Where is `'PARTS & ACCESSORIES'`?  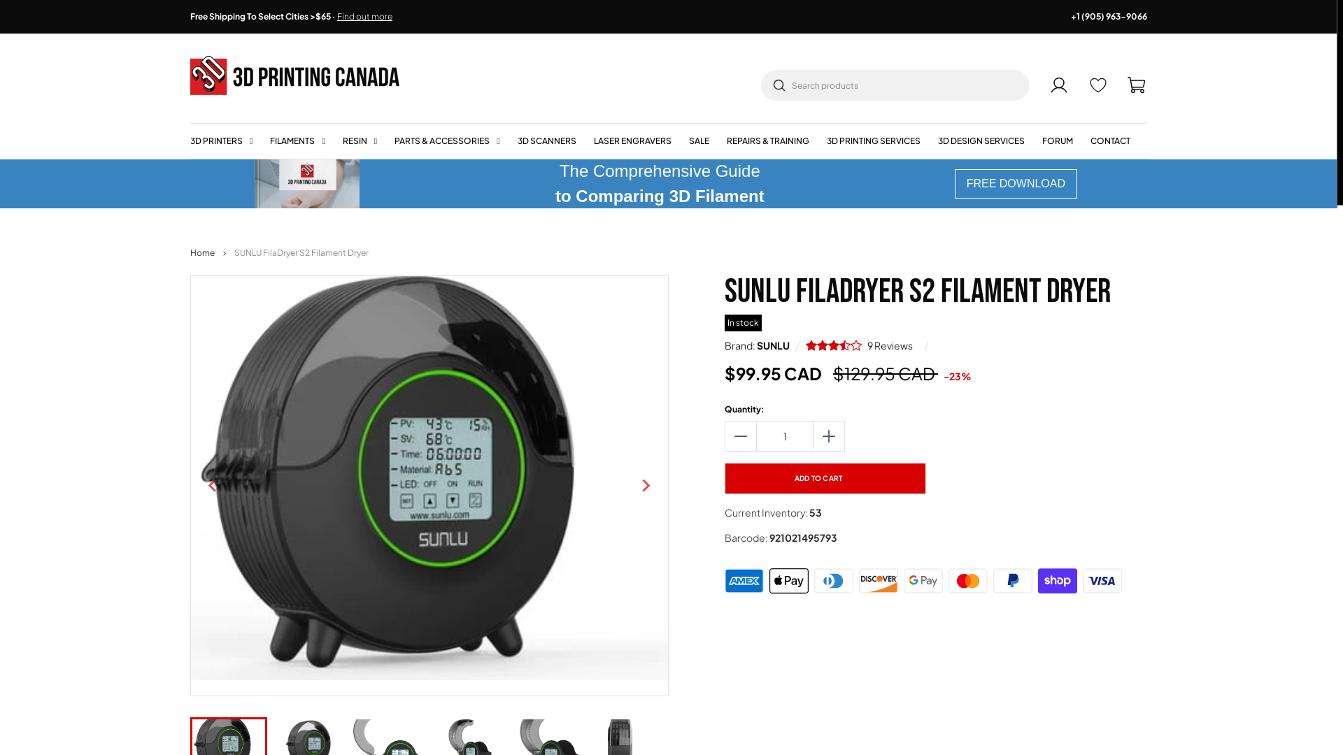
'PARTS & ACCESSORIES' is located at coordinates (446, 141).